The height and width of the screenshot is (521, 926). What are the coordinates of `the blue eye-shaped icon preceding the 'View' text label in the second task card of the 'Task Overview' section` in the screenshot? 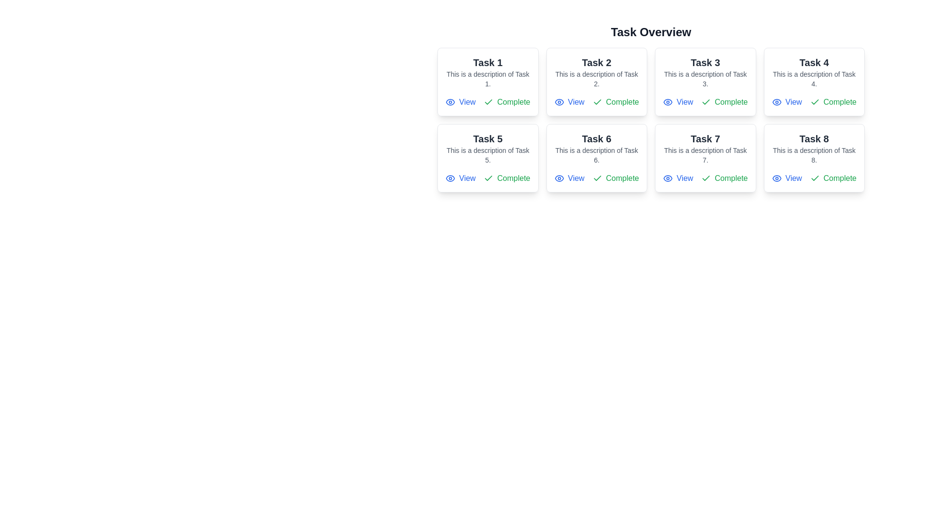 It's located at (559, 102).